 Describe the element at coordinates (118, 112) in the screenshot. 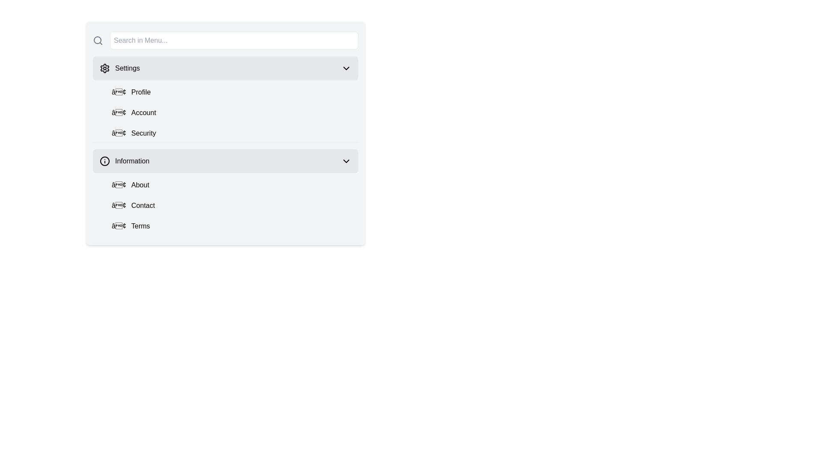

I see `the decorative icon located inside the vertical navigation menu, adjacent to the text 'Account'` at that location.